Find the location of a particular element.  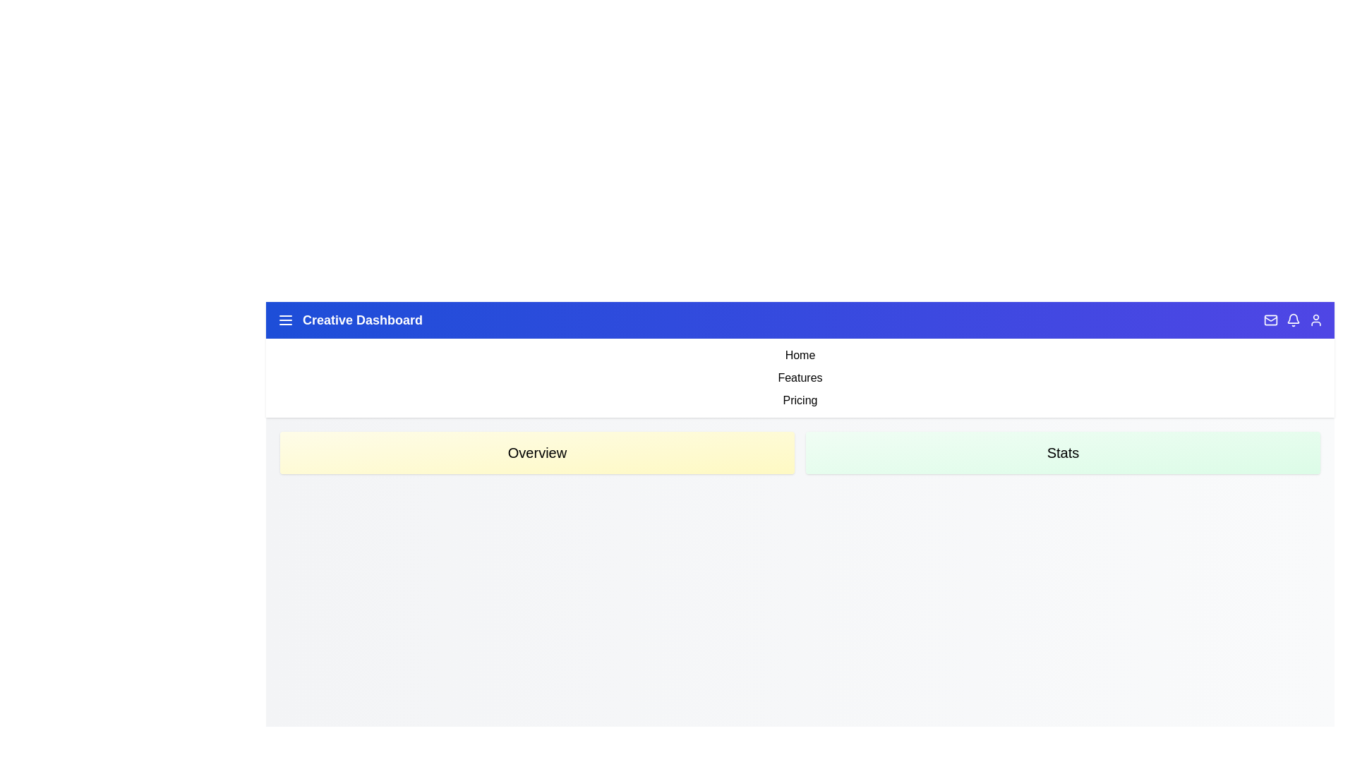

the User icon in the header is located at coordinates (1315, 320).